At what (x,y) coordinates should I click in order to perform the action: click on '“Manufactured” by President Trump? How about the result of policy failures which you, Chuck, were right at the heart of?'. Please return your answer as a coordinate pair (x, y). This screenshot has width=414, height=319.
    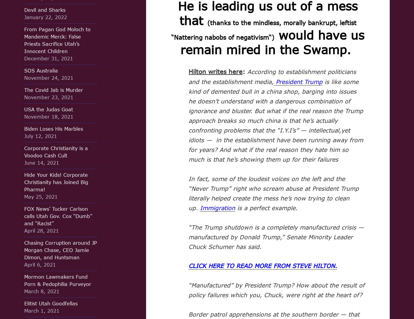
    Looking at the image, I should click on (276, 290).